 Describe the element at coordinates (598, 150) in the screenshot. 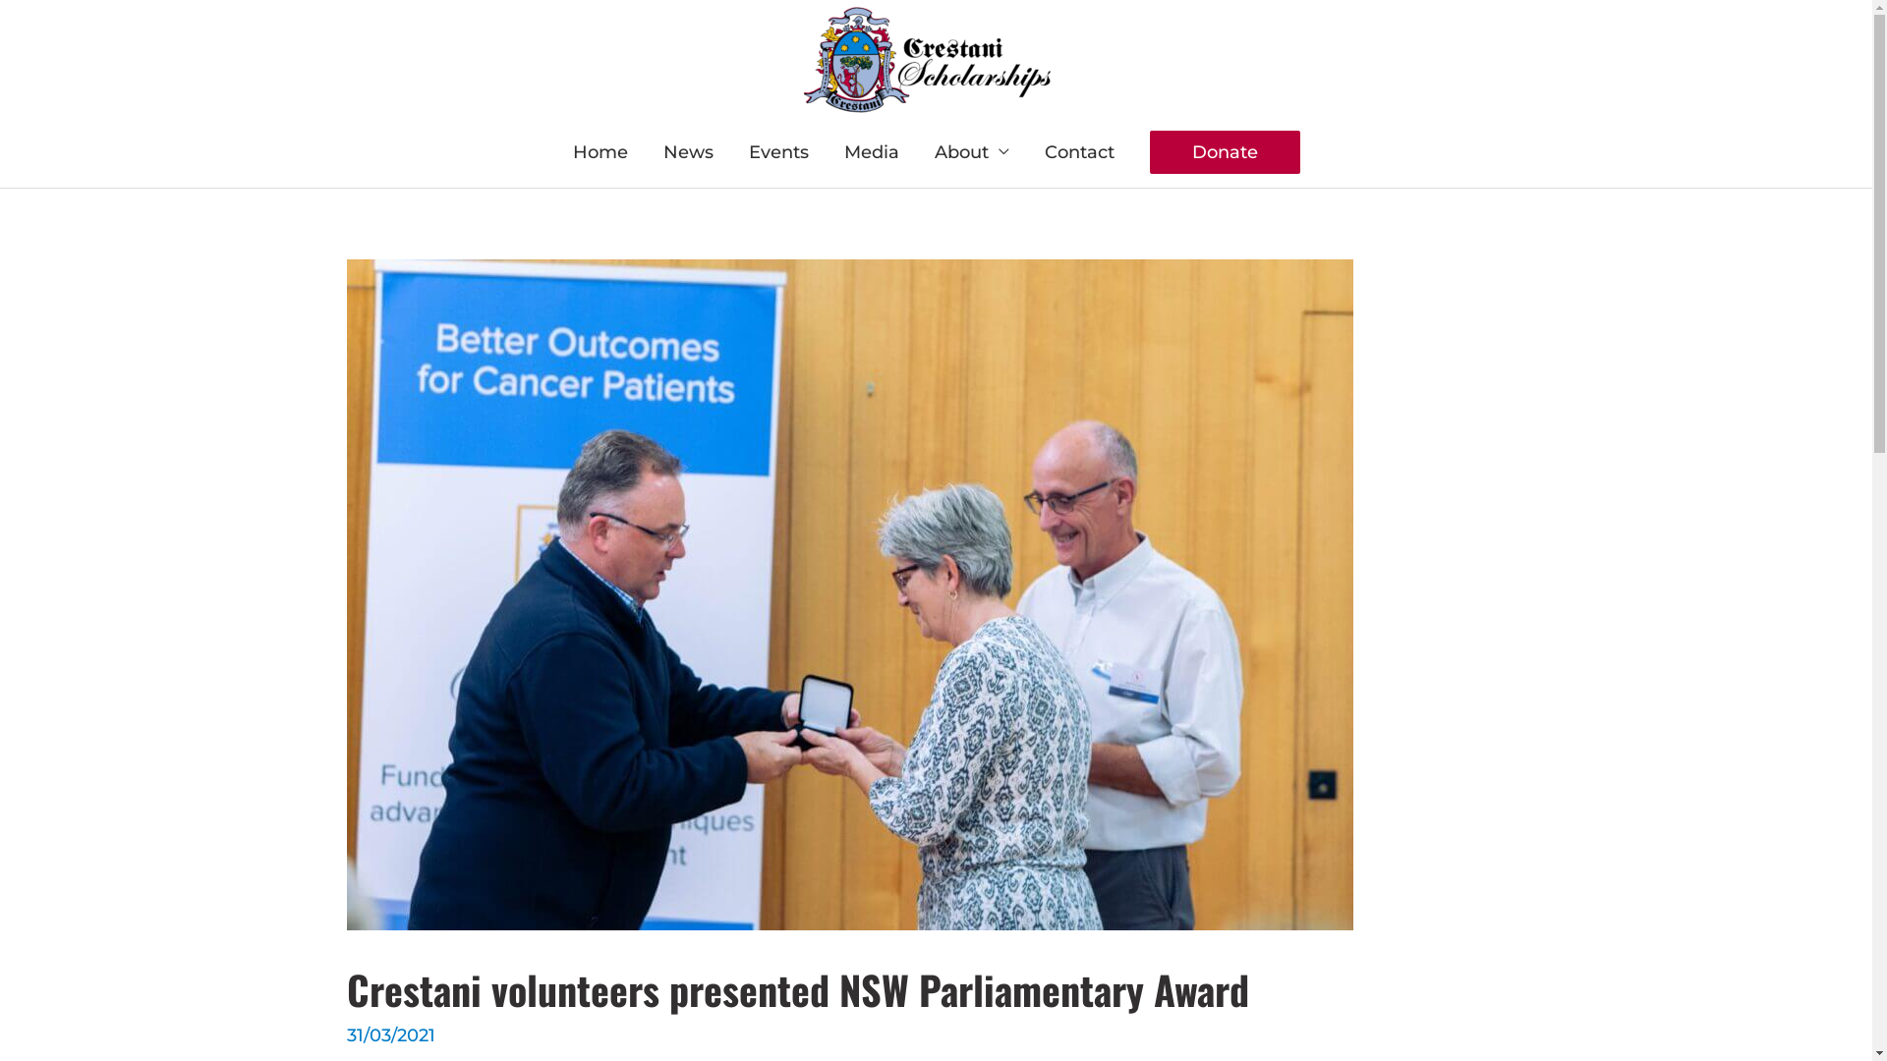

I see `'Home'` at that location.